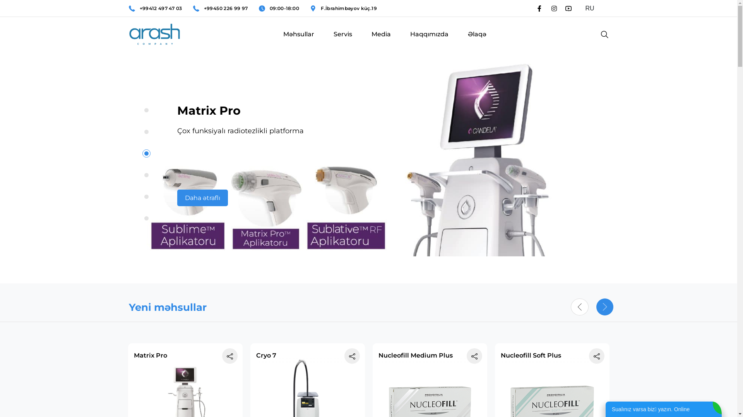  I want to click on '+99412 497 47 03', so click(160, 8).